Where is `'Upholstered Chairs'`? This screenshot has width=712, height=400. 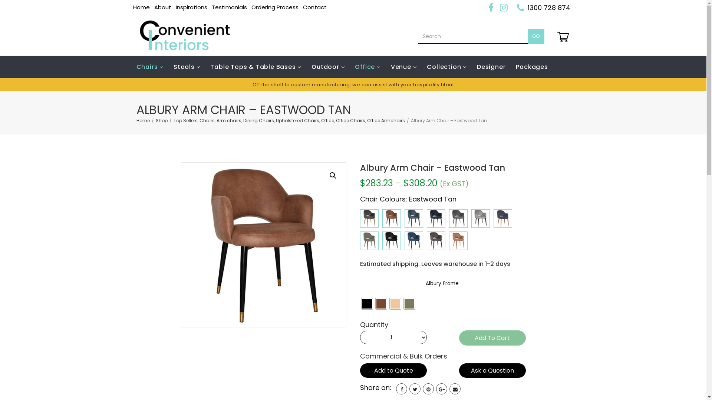
'Upholstered Chairs' is located at coordinates (297, 120).